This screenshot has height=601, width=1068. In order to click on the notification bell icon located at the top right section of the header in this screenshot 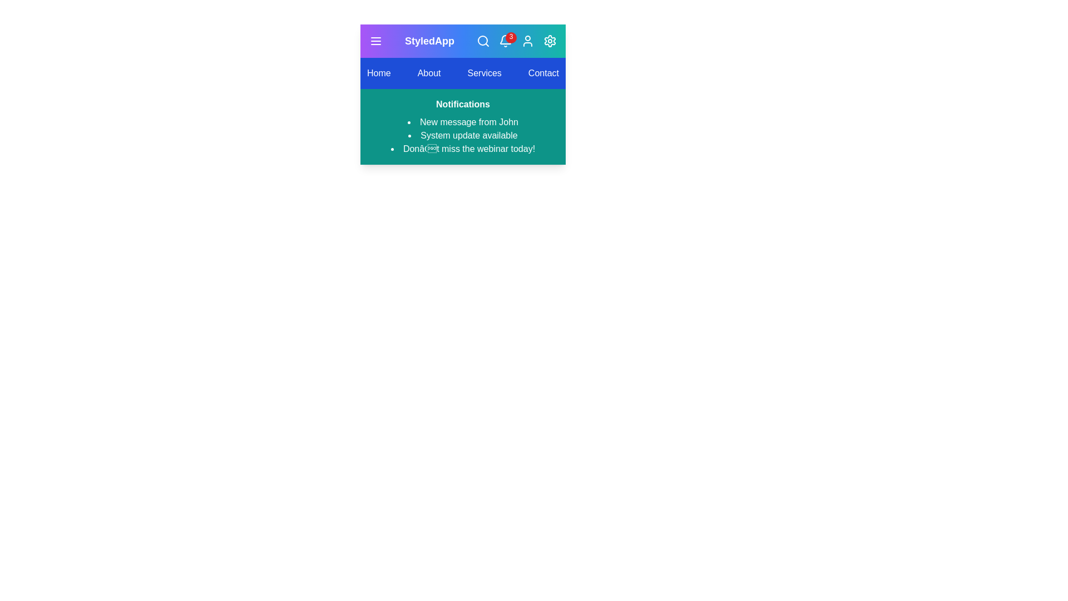, I will do `click(505, 39)`.